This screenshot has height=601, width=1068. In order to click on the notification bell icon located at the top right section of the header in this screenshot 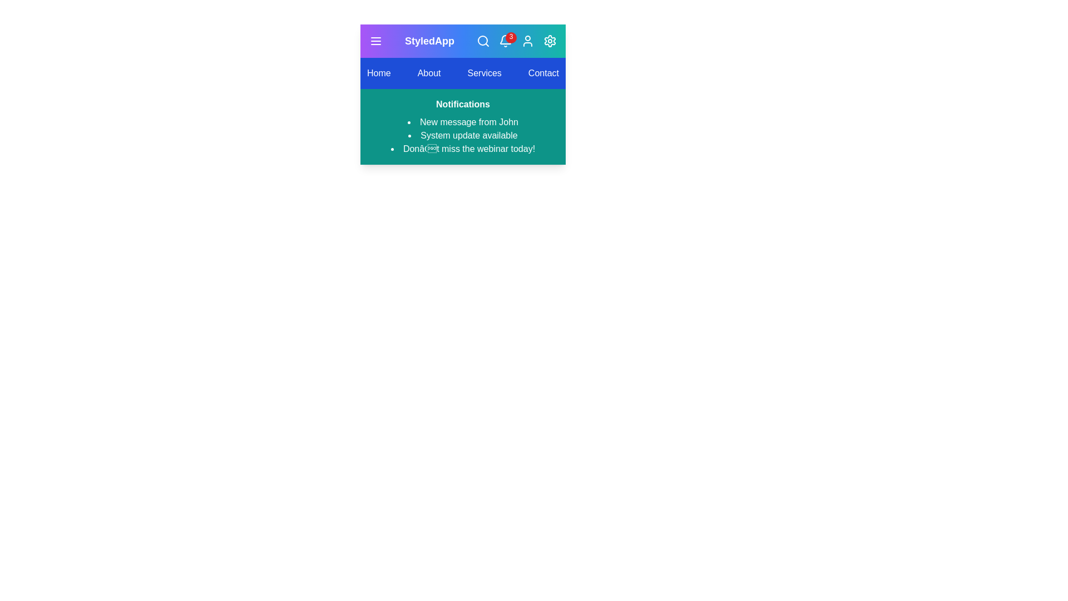, I will do `click(505, 39)`.